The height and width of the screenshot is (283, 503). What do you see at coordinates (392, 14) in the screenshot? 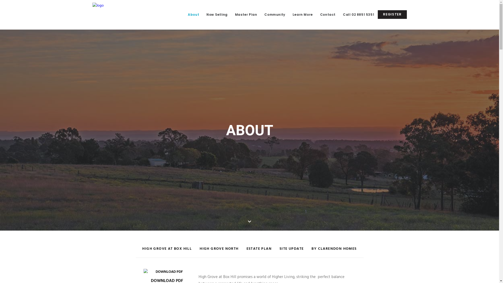
I see `'REGISTER'` at bounding box center [392, 14].